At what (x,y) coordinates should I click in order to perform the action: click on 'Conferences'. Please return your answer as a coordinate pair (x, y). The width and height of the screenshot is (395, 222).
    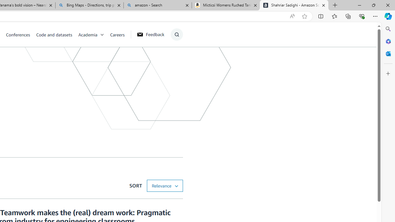
    Looking at the image, I should click on (18, 34).